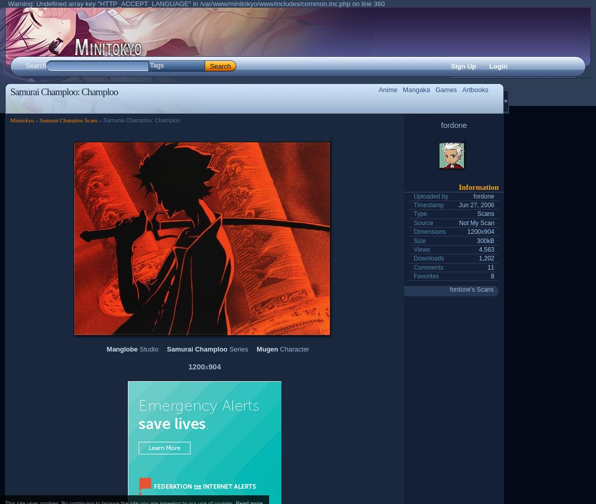 This screenshot has height=504, width=596. I want to click on 'Members', so click(165, 102).